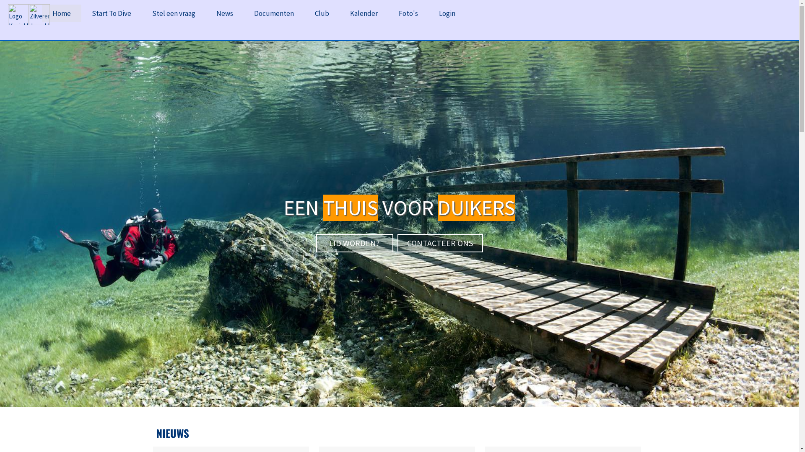  I want to click on 'Stel een vraag', so click(152, 13).